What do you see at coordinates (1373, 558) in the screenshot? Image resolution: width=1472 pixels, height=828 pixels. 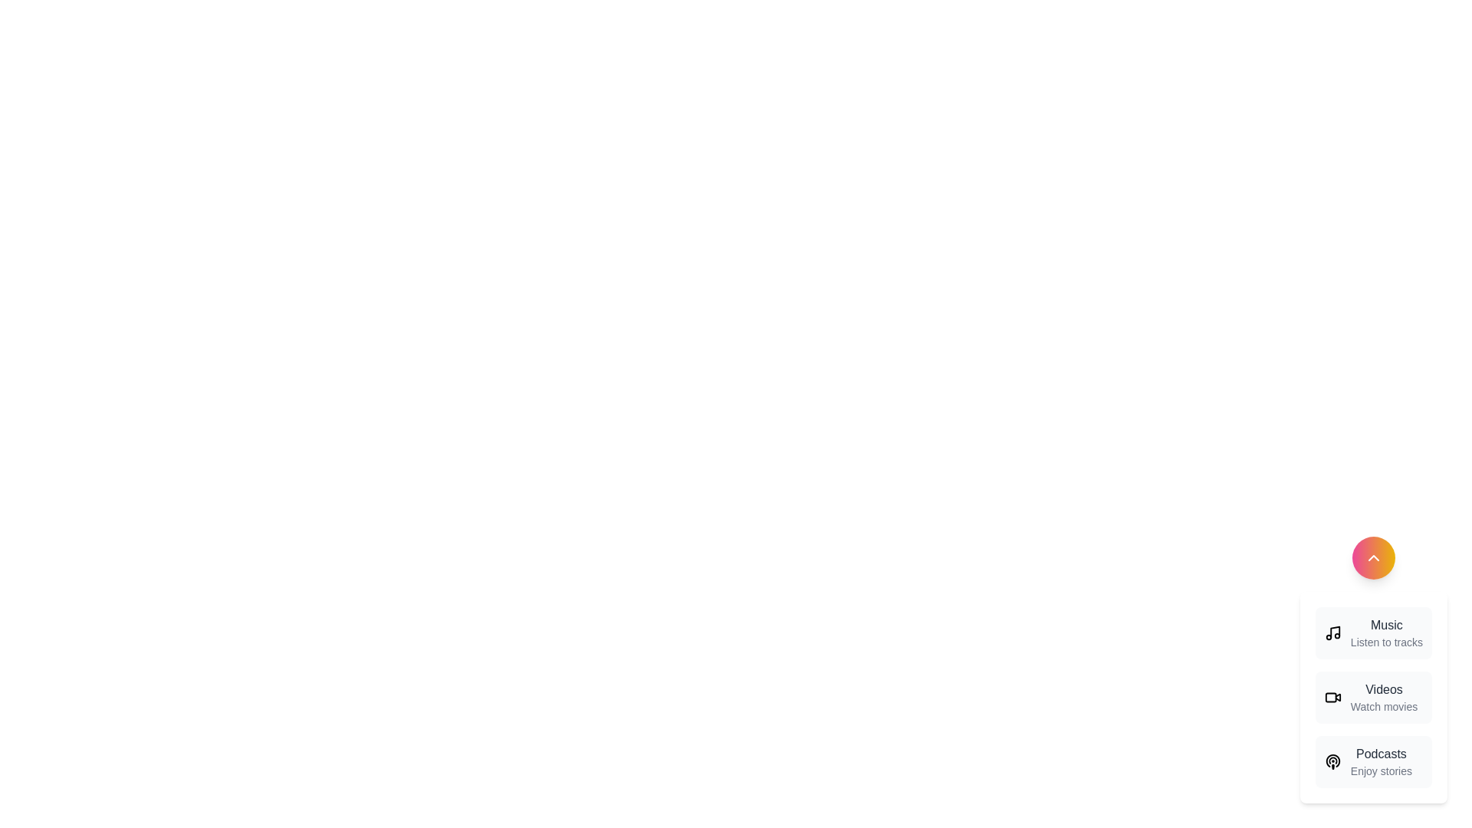 I see `the toggle button to close the speed dial menu` at bounding box center [1373, 558].